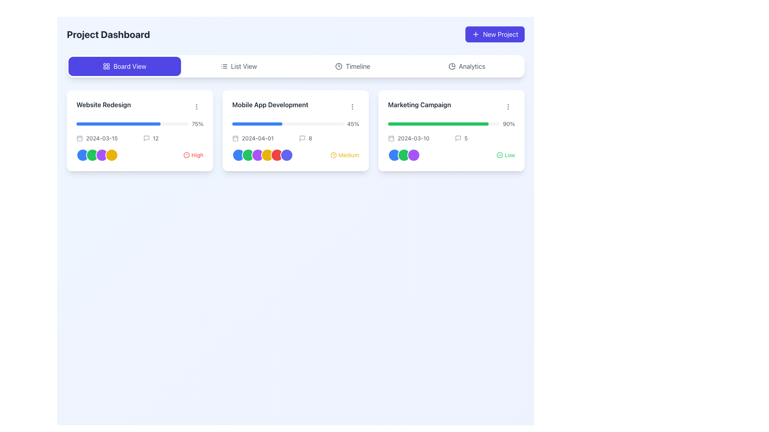 Image resolution: width=769 pixels, height=432 pixels. I want to click on the vertical ellipsis icon located at the top-right corner of the 'Marketing Campaign' card, so click(507, 106).